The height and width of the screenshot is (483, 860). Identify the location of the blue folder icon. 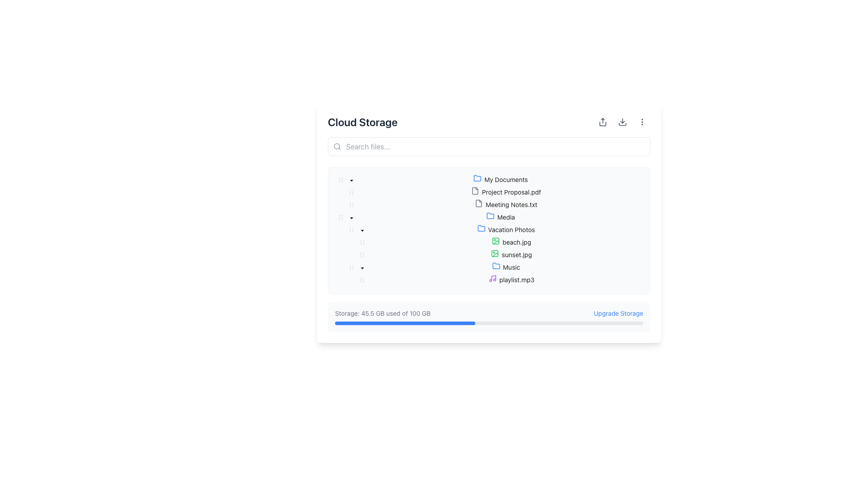
(478, 179).